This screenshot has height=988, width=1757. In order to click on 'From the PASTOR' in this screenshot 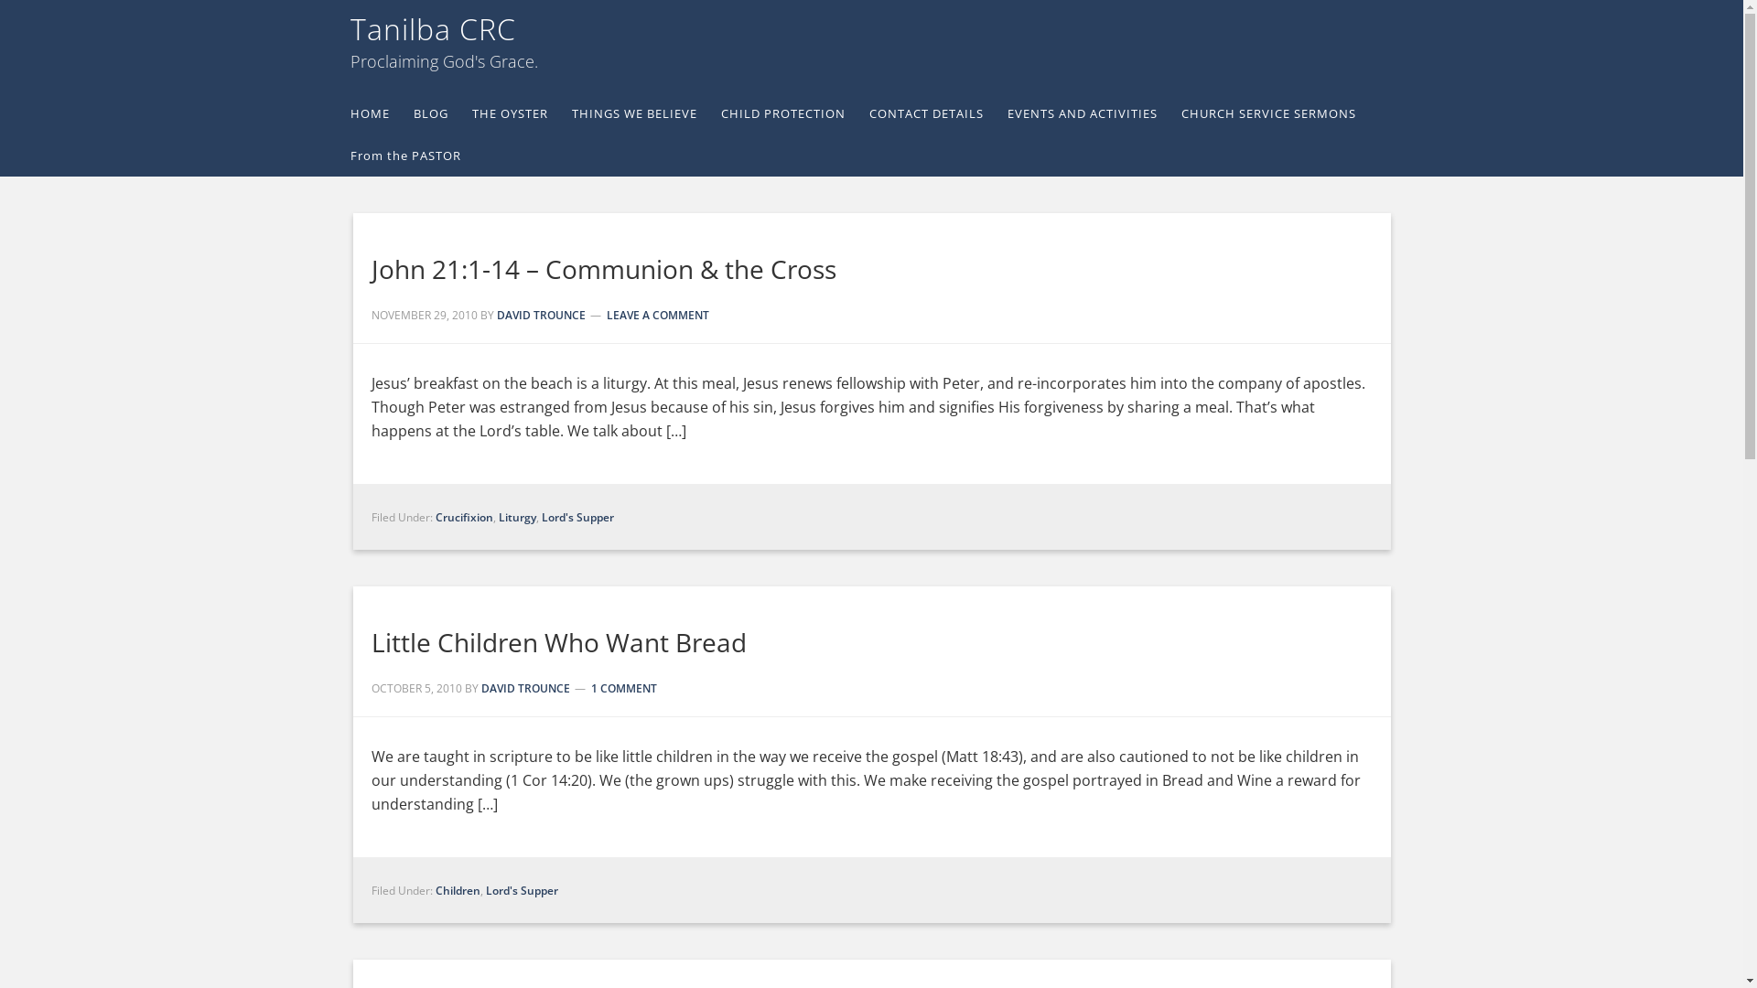, I will do `click(350, 155)`.